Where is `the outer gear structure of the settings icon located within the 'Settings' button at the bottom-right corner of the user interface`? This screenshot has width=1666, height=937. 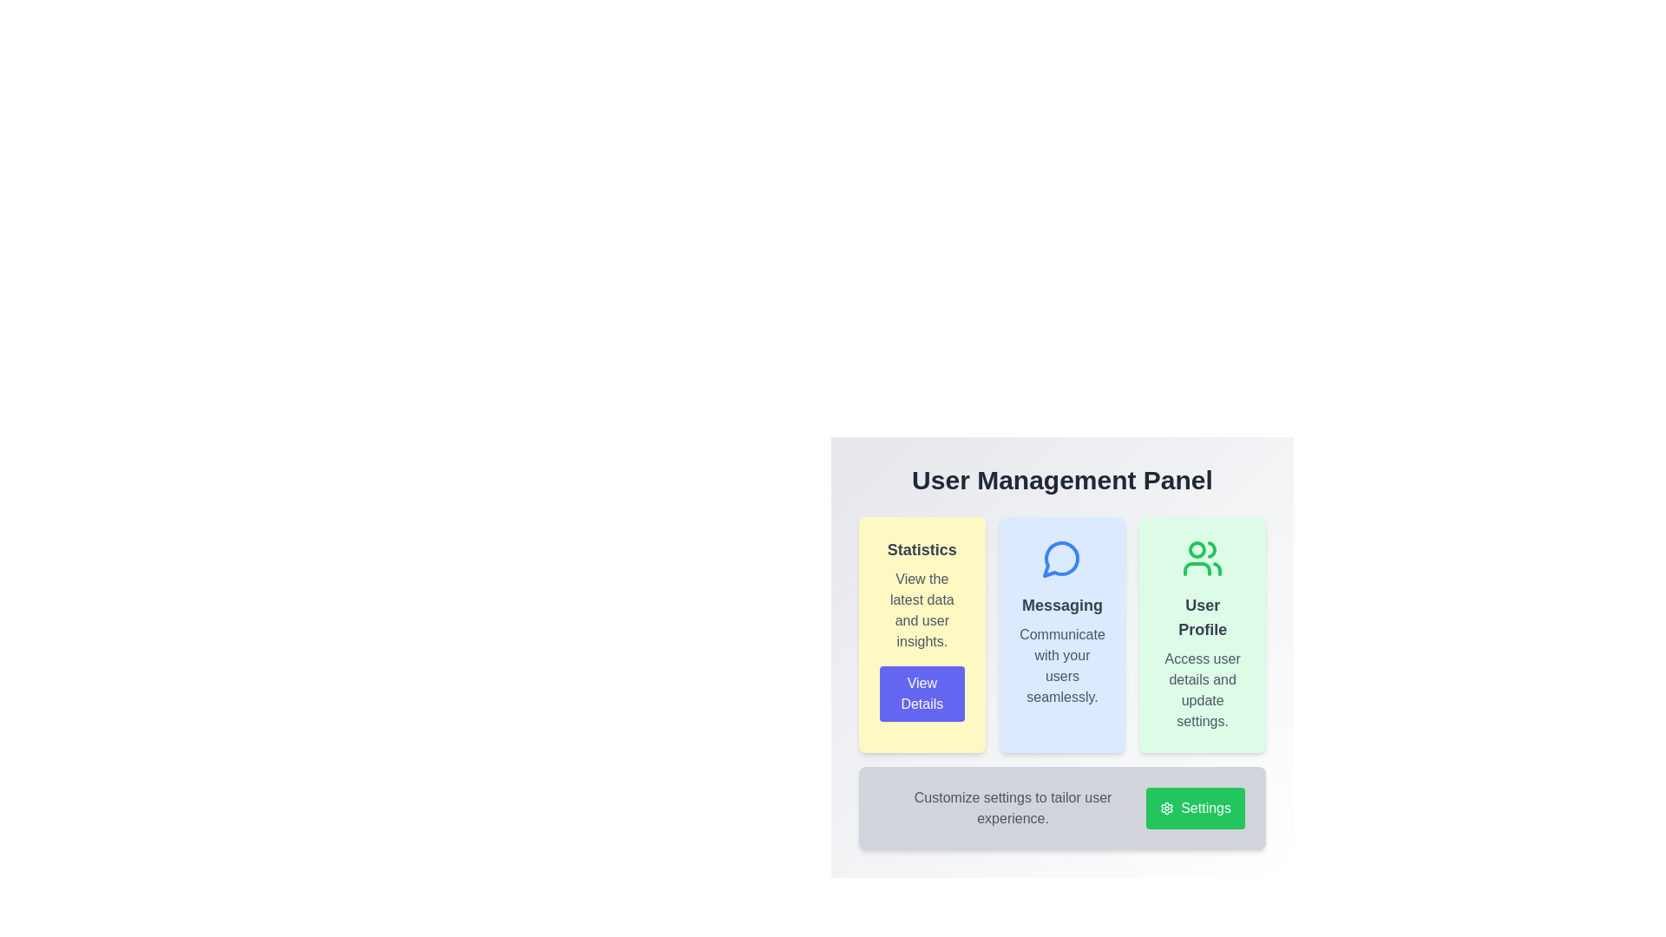
the outer gear structure of the settings icon located within the 'Settings' button at the bottom-right corner of the user interface is located at coordinates (1167, 809).